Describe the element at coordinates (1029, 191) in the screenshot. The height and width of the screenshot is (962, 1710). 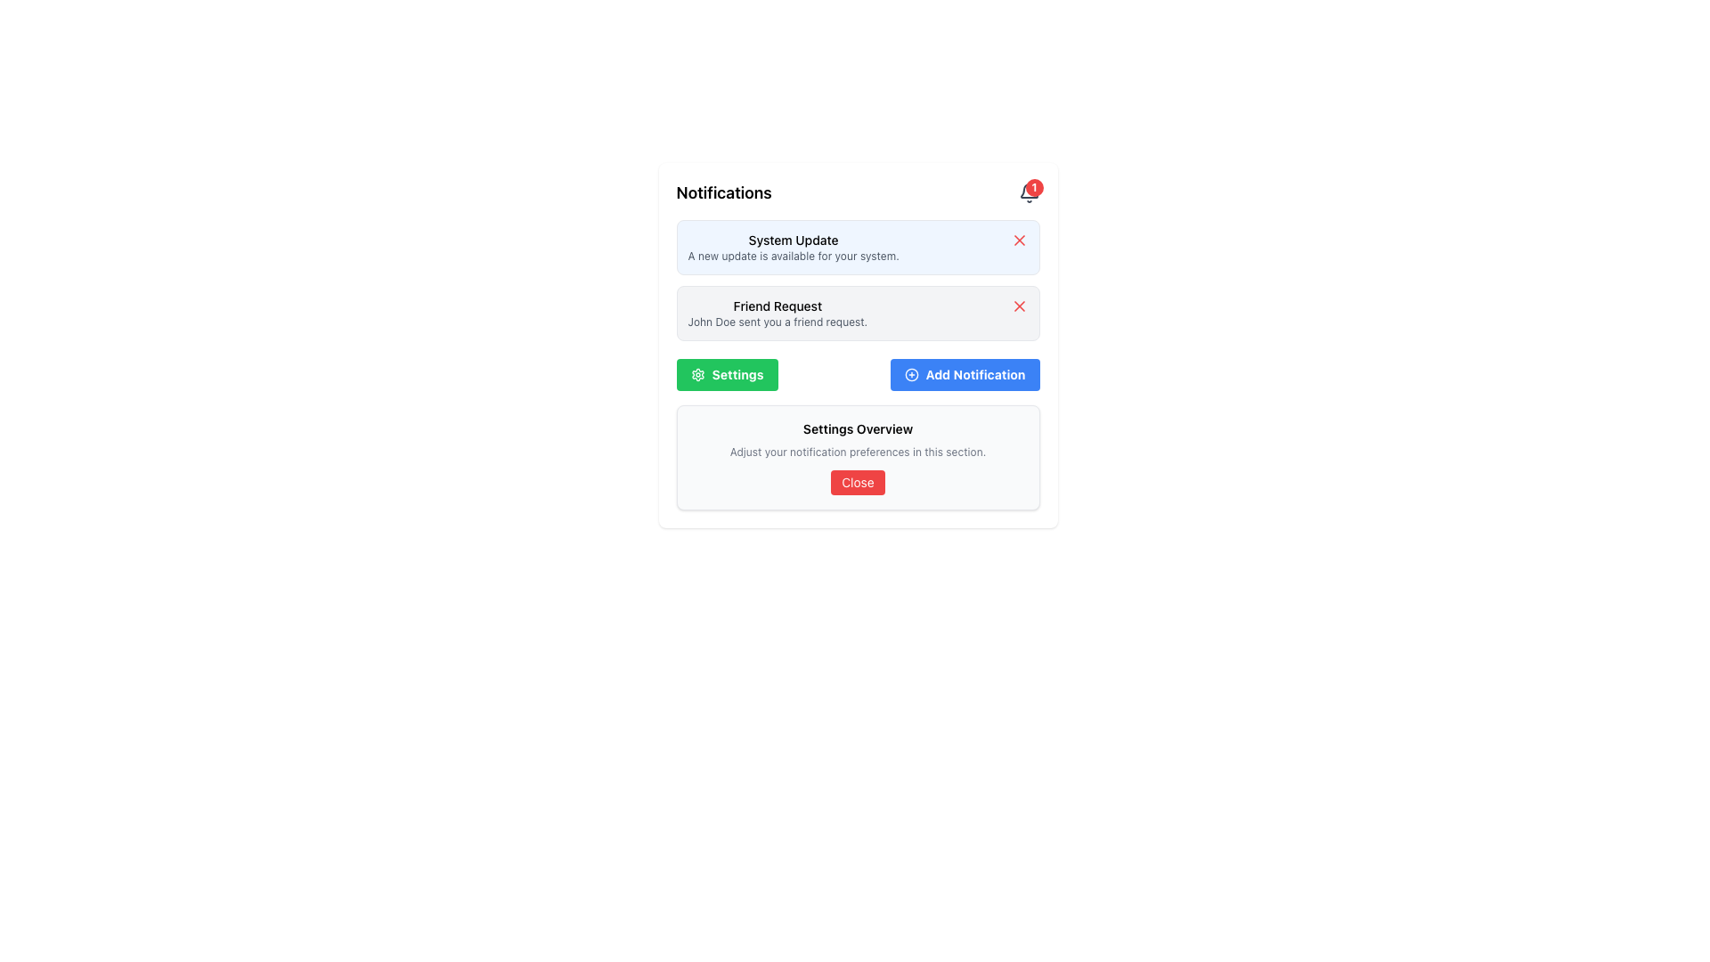
I see `lower arc of the bell icon located in the top-right corner of the notification interface` at that location.